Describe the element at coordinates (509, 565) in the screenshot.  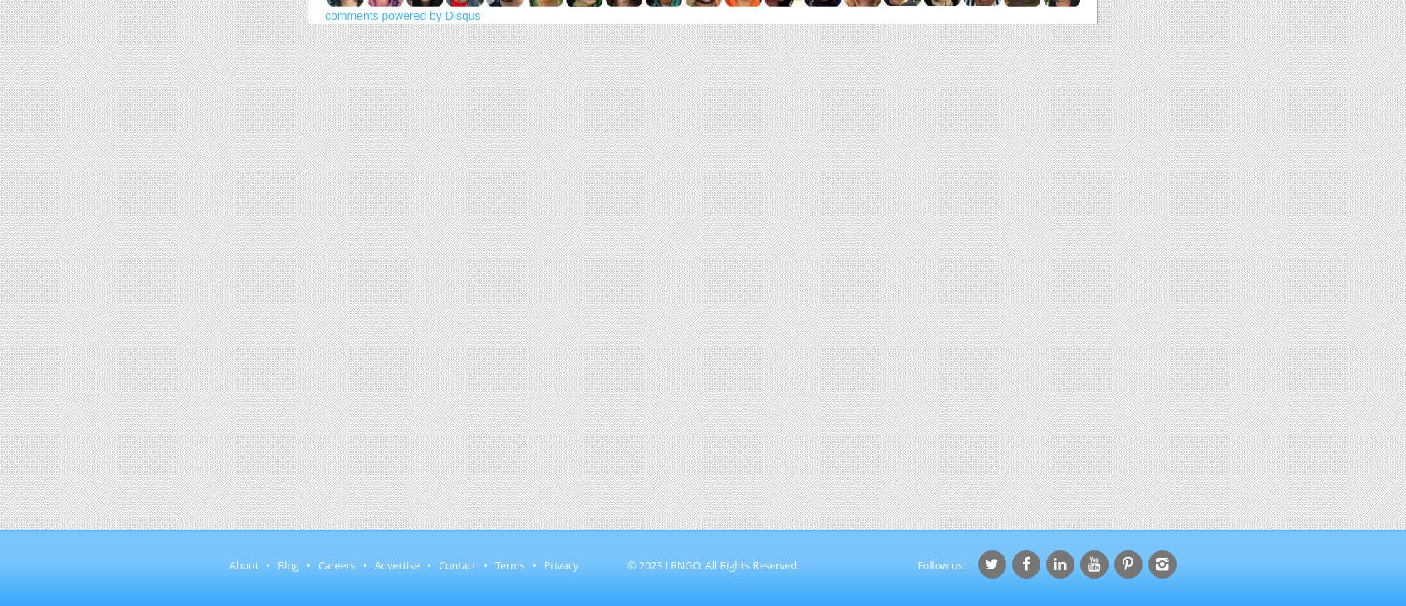
I see `'Terms'` at that location.